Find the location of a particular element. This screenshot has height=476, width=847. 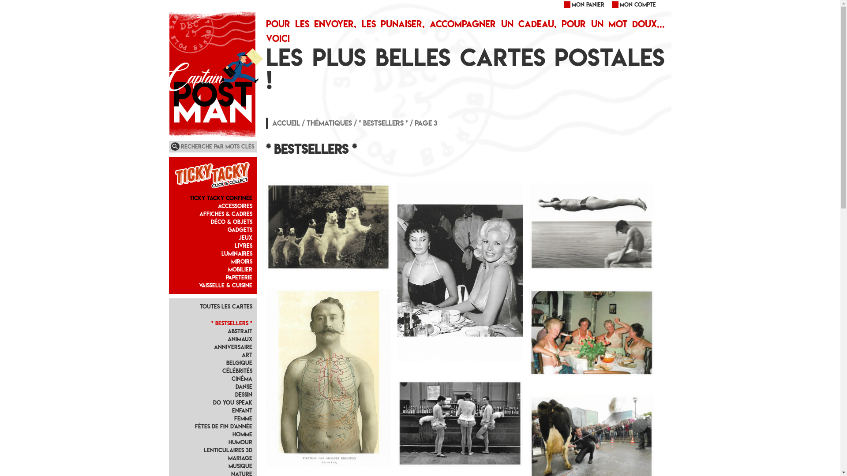

'Gadgets' is located at coordinates (240, 229).